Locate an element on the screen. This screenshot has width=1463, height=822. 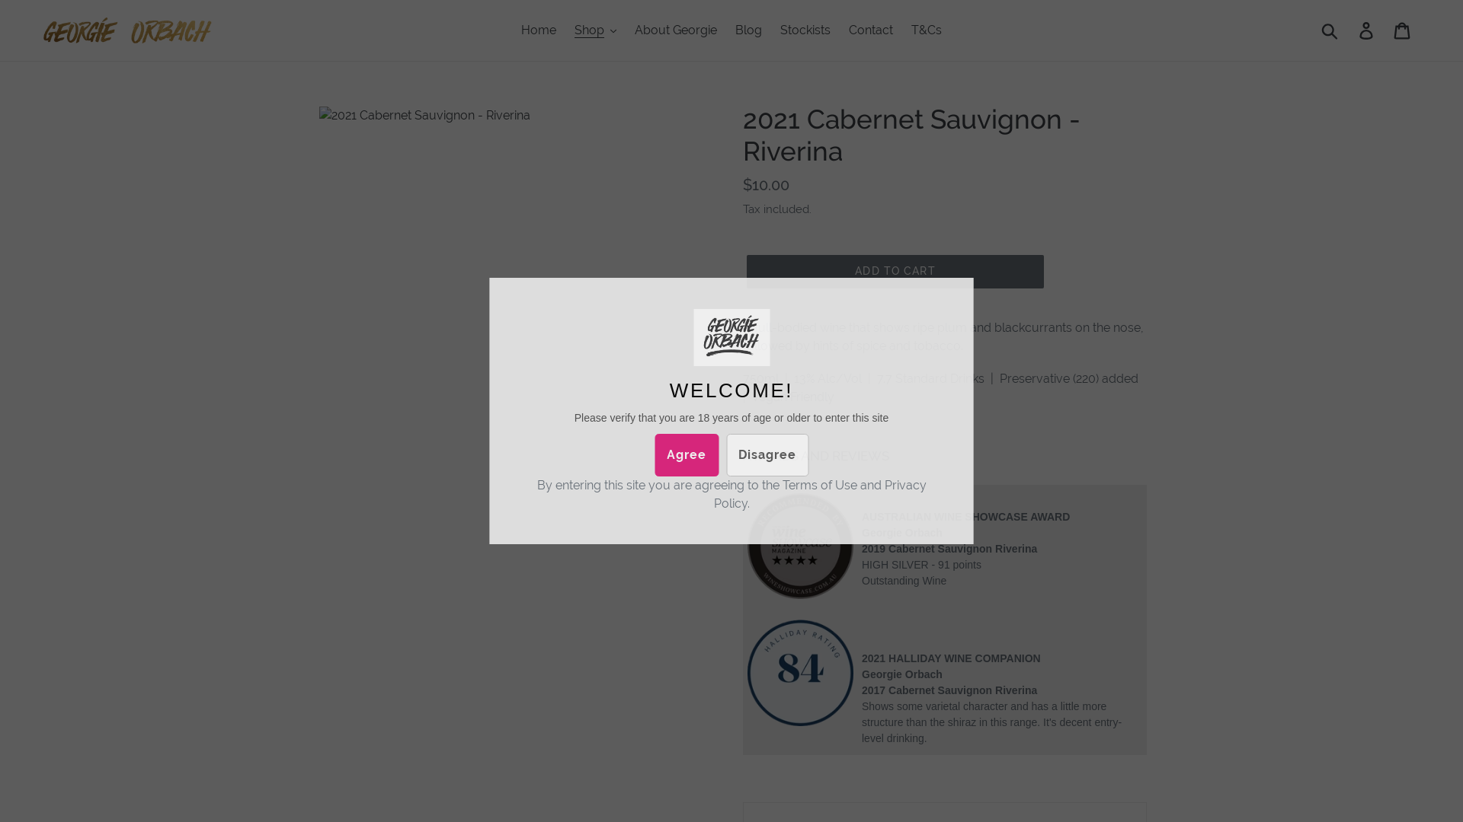
'Cart' is located at coordinates (1402, 30).